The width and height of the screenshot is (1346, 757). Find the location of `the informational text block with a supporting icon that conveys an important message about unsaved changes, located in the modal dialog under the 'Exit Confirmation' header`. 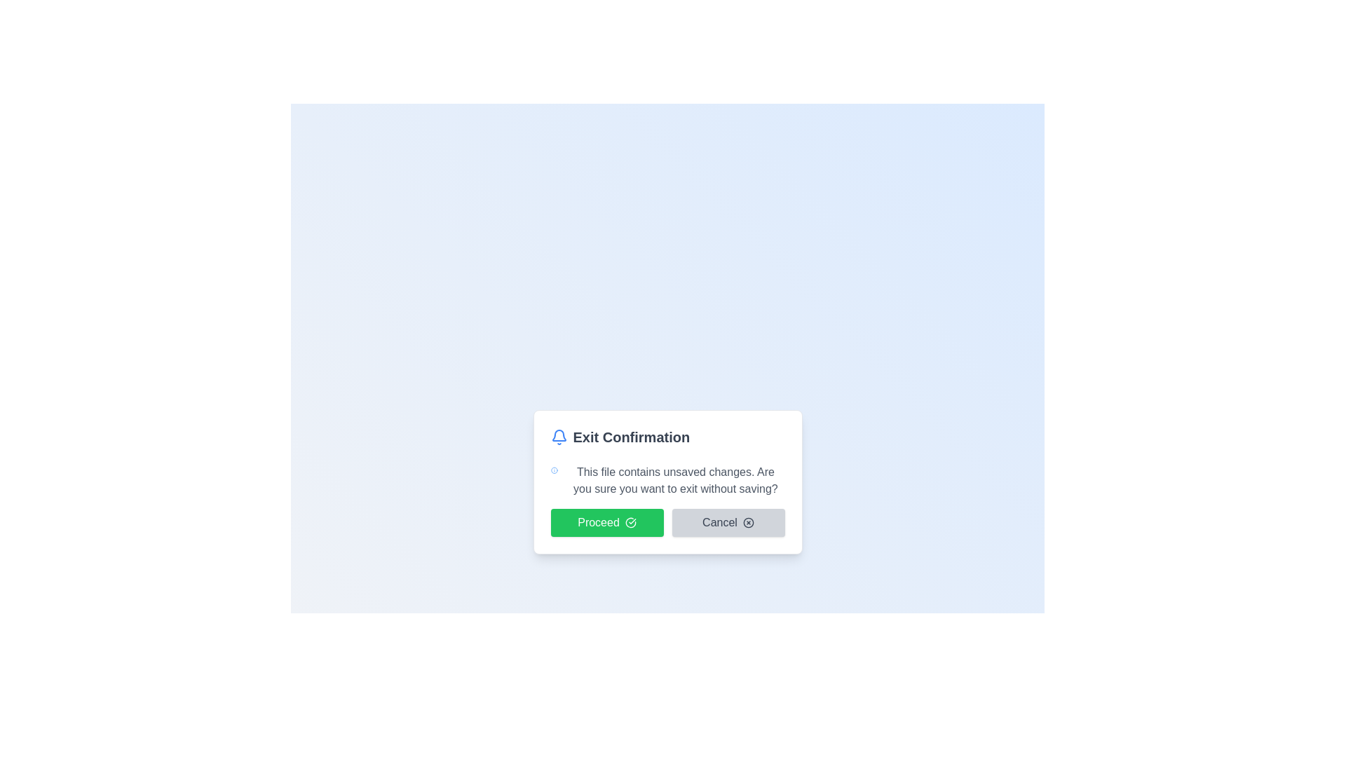

the informational text block with a supporting icon that conveys an important message about unsaved changes, located in the modal dialog under the 'Exit Confirmation' header is located at coordinates (667, 480).